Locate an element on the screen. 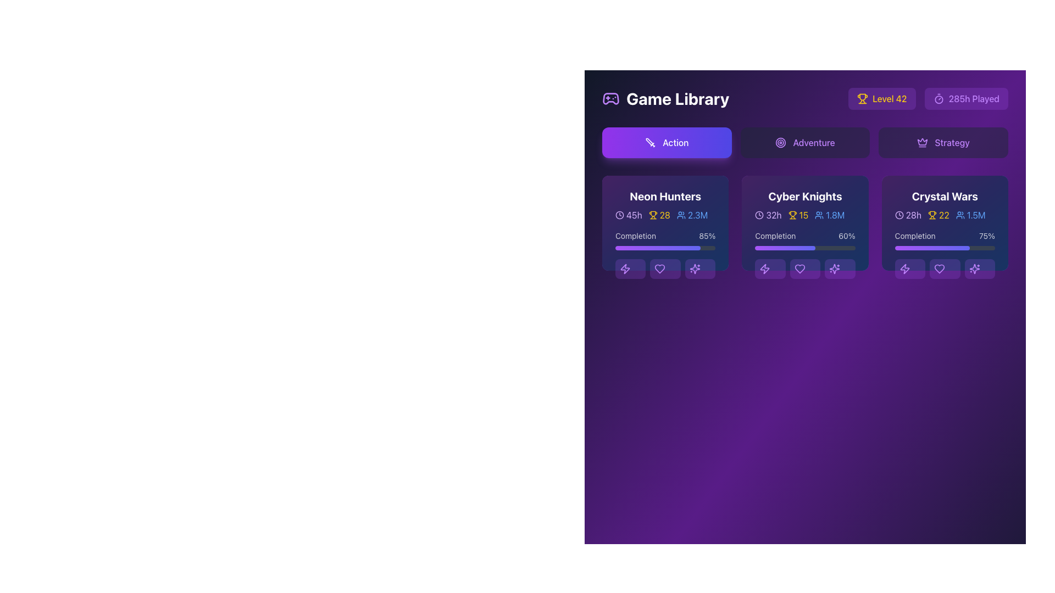 The height and width of the screenshot is (593, 1055). the text label displaying '60%' in white color against a dark blue background, located in the Progress section of the 'Cyber Knights' card, positioned to the far right of the 'Completion' text is located at coordinates (846, 235).